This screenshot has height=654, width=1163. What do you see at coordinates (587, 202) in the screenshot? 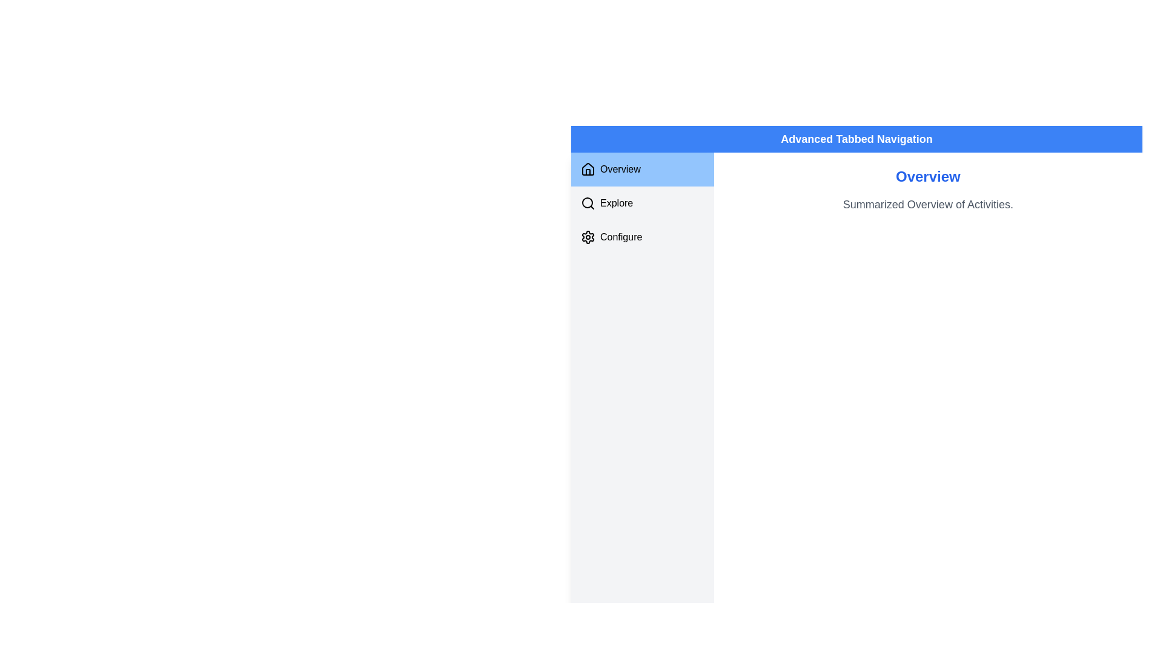
I see `the SVG Circle element that is positioned centrally within a magnifying glass icon, located adjacent to the 'Explore' label in the left navigation bar` at bounding box center [587, 202].